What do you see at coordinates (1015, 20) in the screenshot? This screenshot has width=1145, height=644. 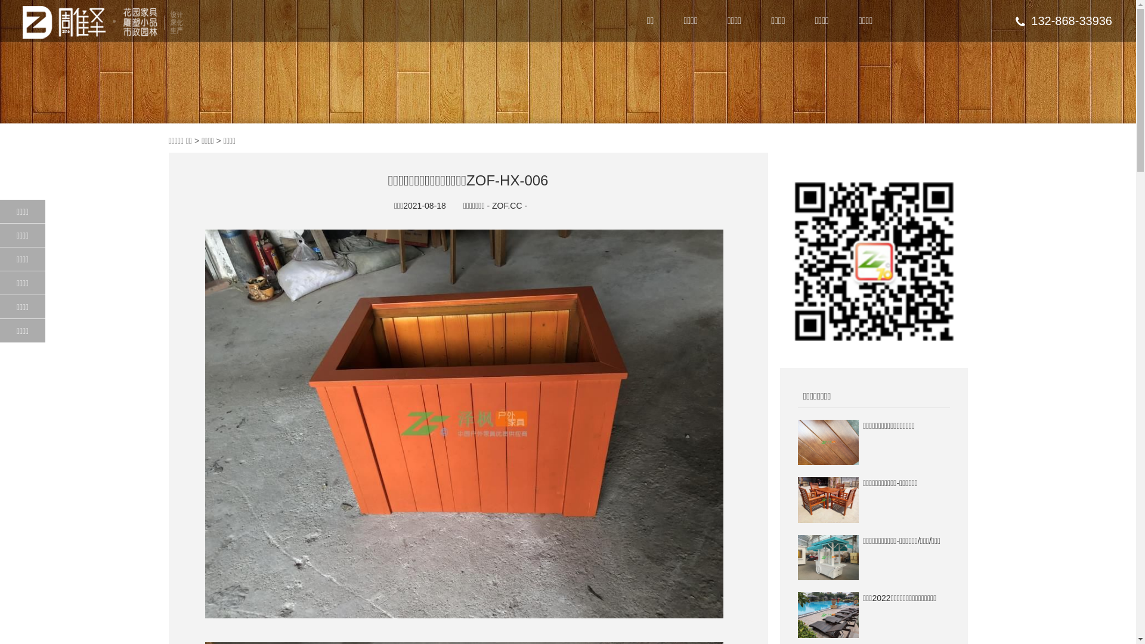 I see `'132-868-33936'` at bounding box center [1015, 20].